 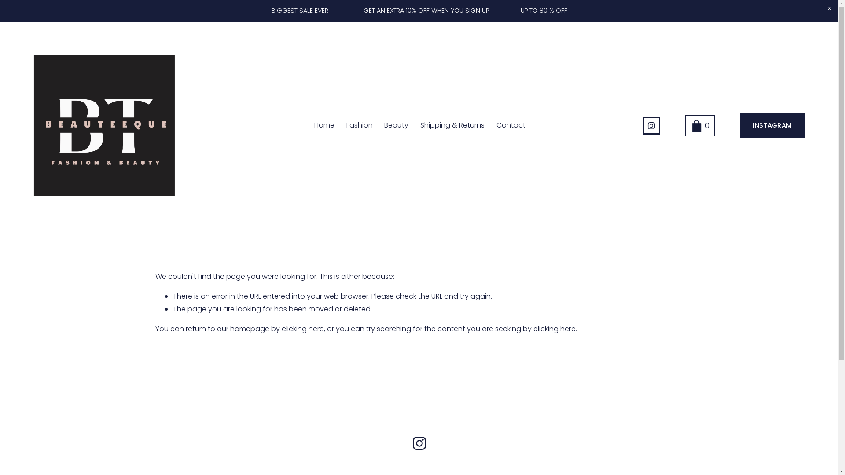 I want to click on '0', so click(x=699, y=125).